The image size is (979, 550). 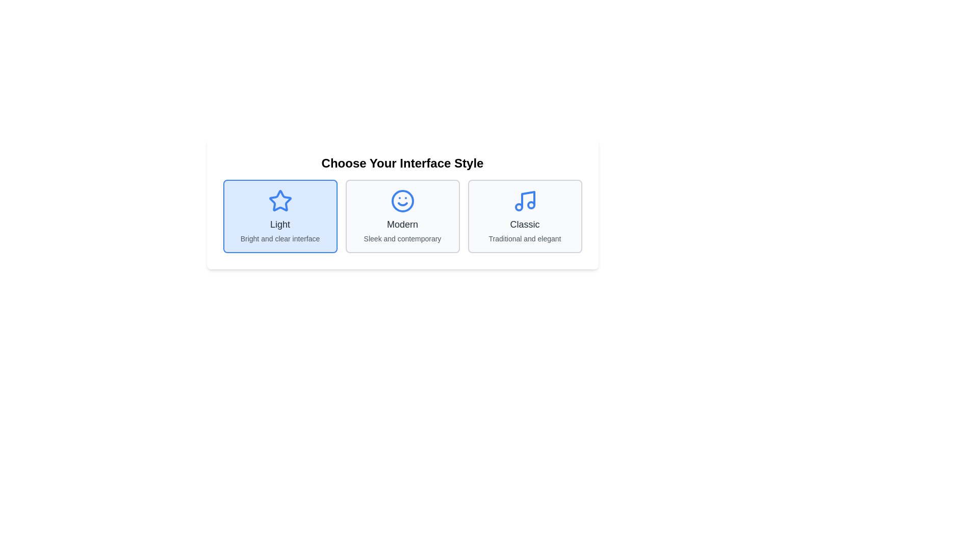 I want to click on the star icon representing the 'Light' interface style option, which is the leftmost selectable option in a horizontal layout, located above the text 'Light', so click(x=280, y=201).